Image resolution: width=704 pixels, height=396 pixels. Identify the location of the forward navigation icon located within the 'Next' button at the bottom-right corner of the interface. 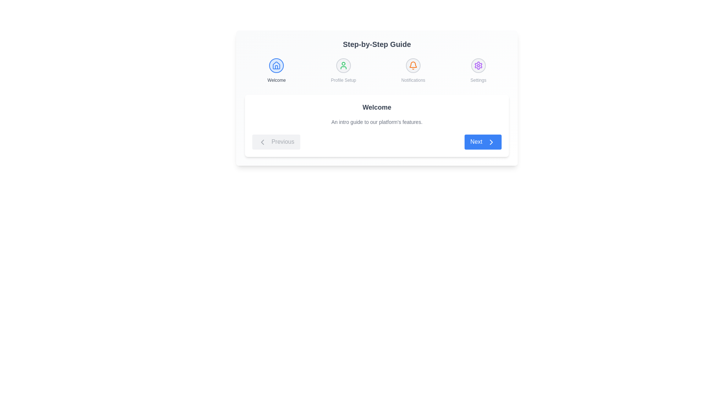
(491, 142).